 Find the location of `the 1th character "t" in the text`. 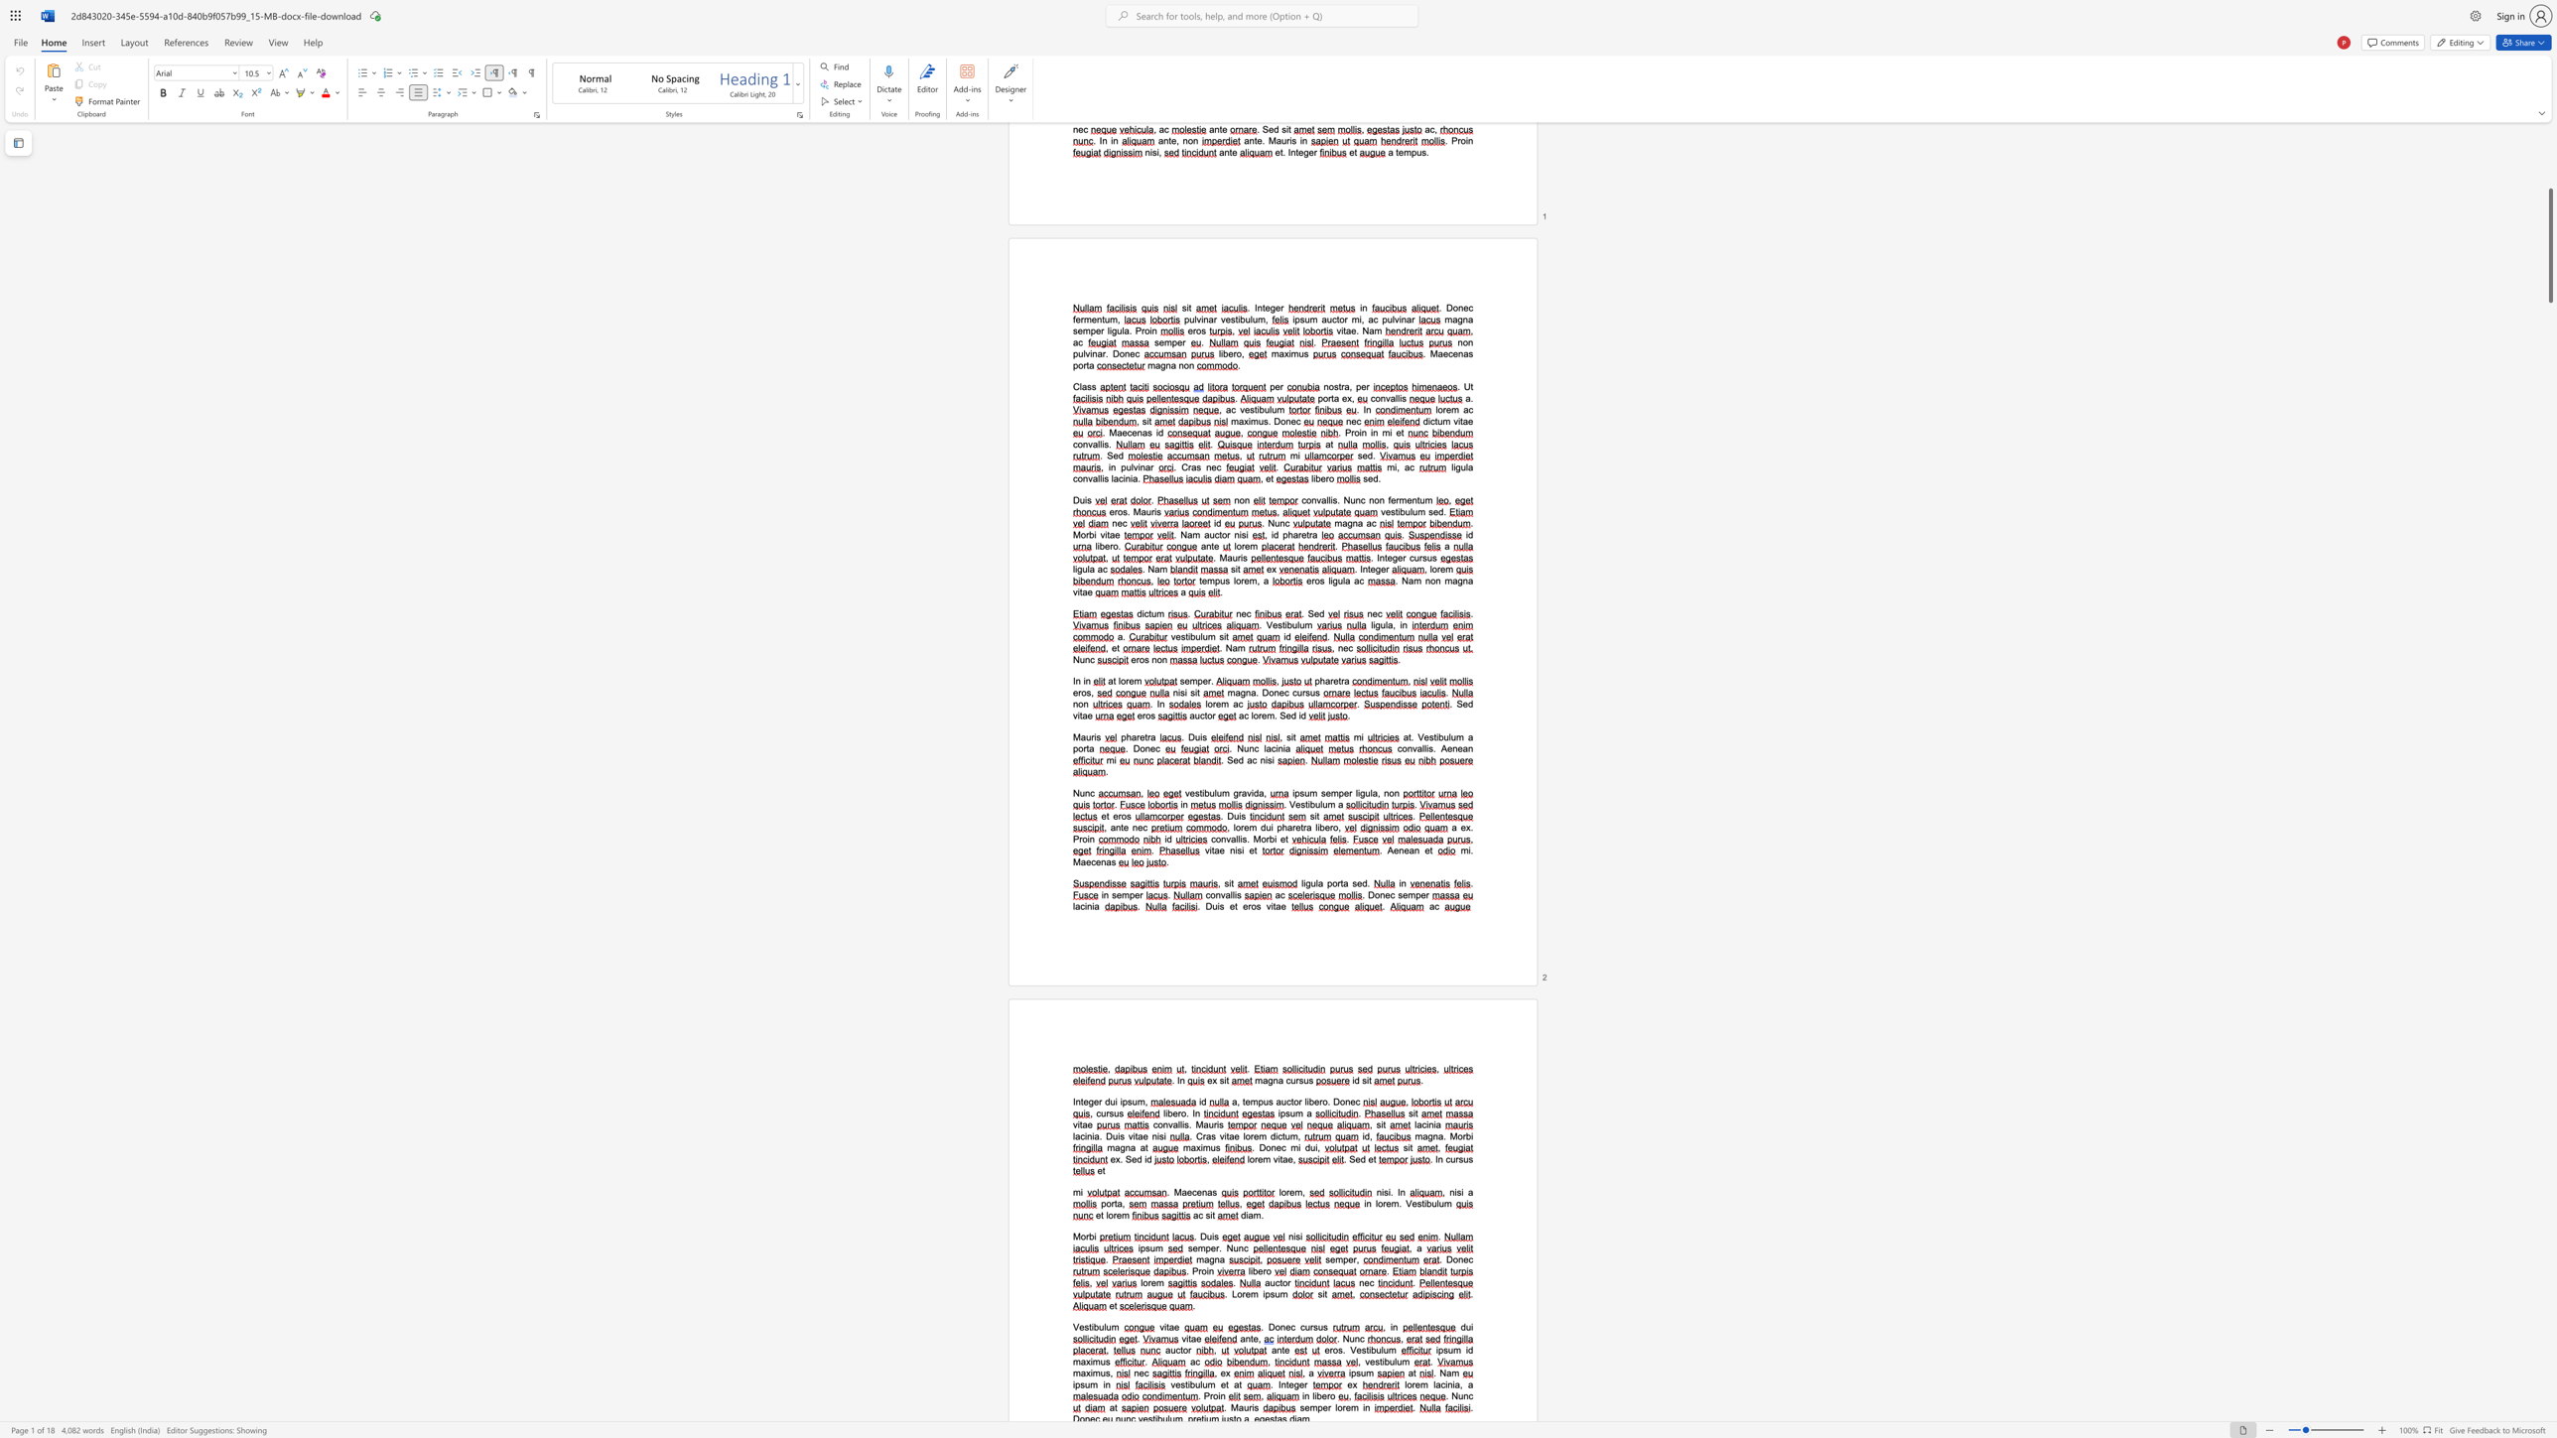

the 1th character "t" in the text is located at coordinates (1340, 883).